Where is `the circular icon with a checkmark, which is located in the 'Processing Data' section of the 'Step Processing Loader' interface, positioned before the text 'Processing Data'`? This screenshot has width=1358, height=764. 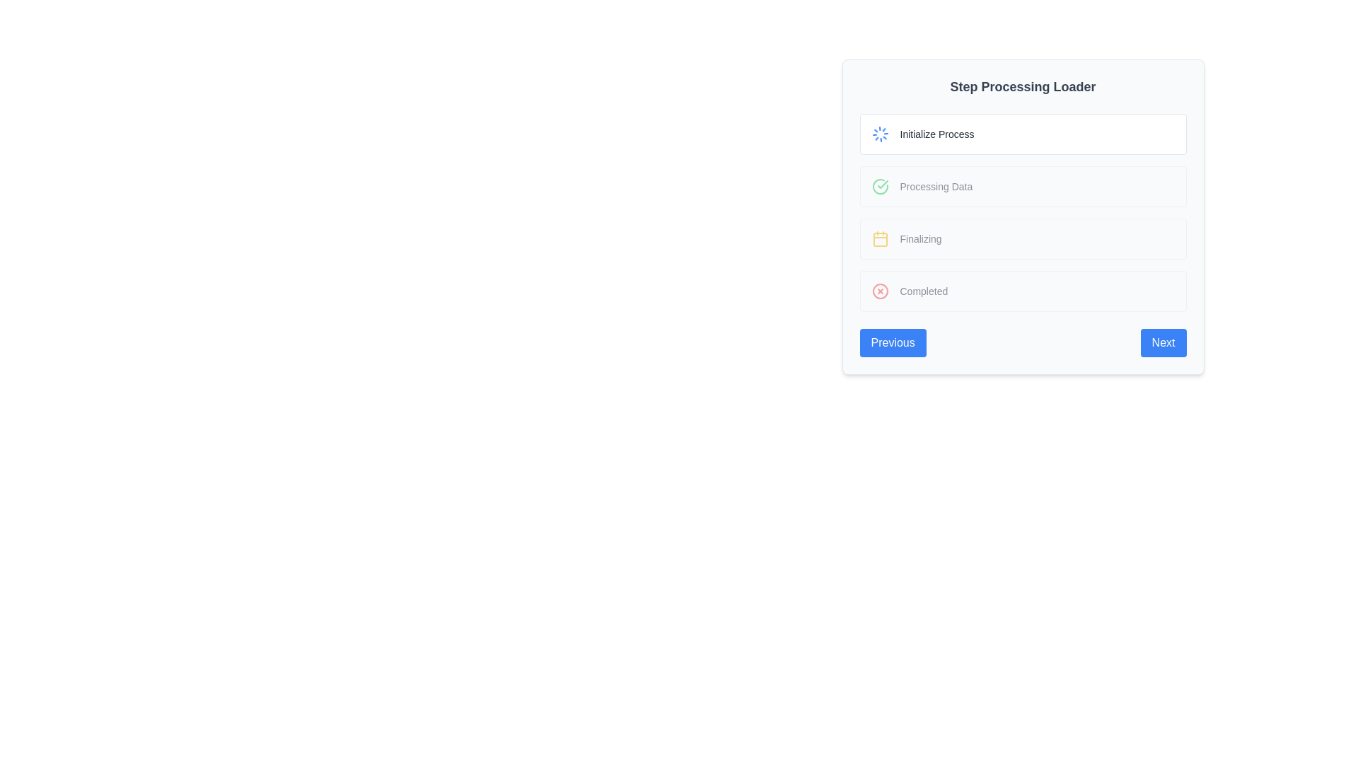
the circular icon with a checkmark, which is located in the 'Processing Data' section of the 'Step Processing Loader' interface, positioned before the text 'Processing Data' is located at coordinates (879, 185).